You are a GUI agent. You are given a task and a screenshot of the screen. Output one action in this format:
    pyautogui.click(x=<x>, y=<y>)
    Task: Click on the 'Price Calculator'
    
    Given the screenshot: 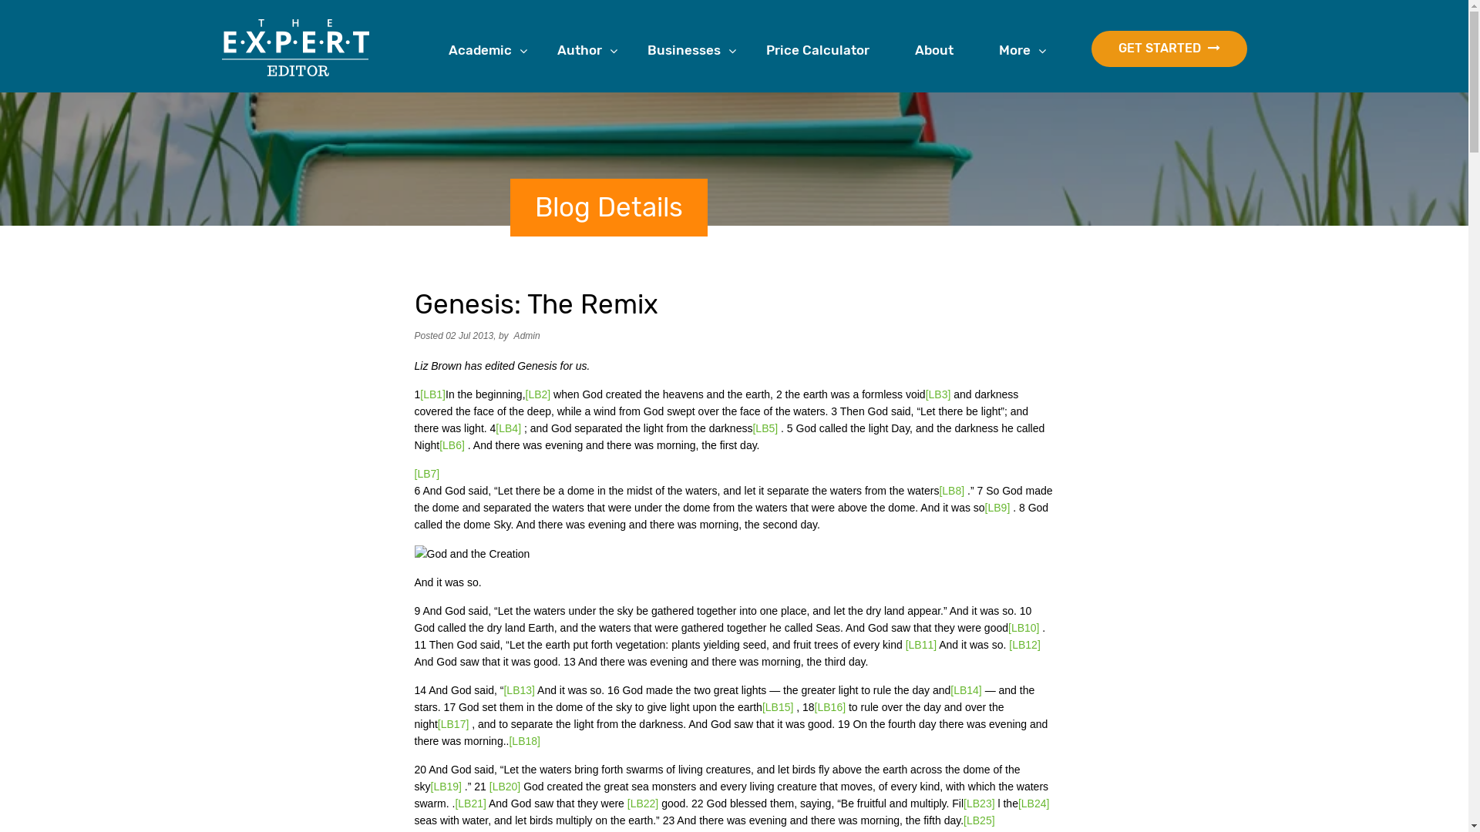 What is the action you would take?
    pyautogui.click(x=751, y=50)
    